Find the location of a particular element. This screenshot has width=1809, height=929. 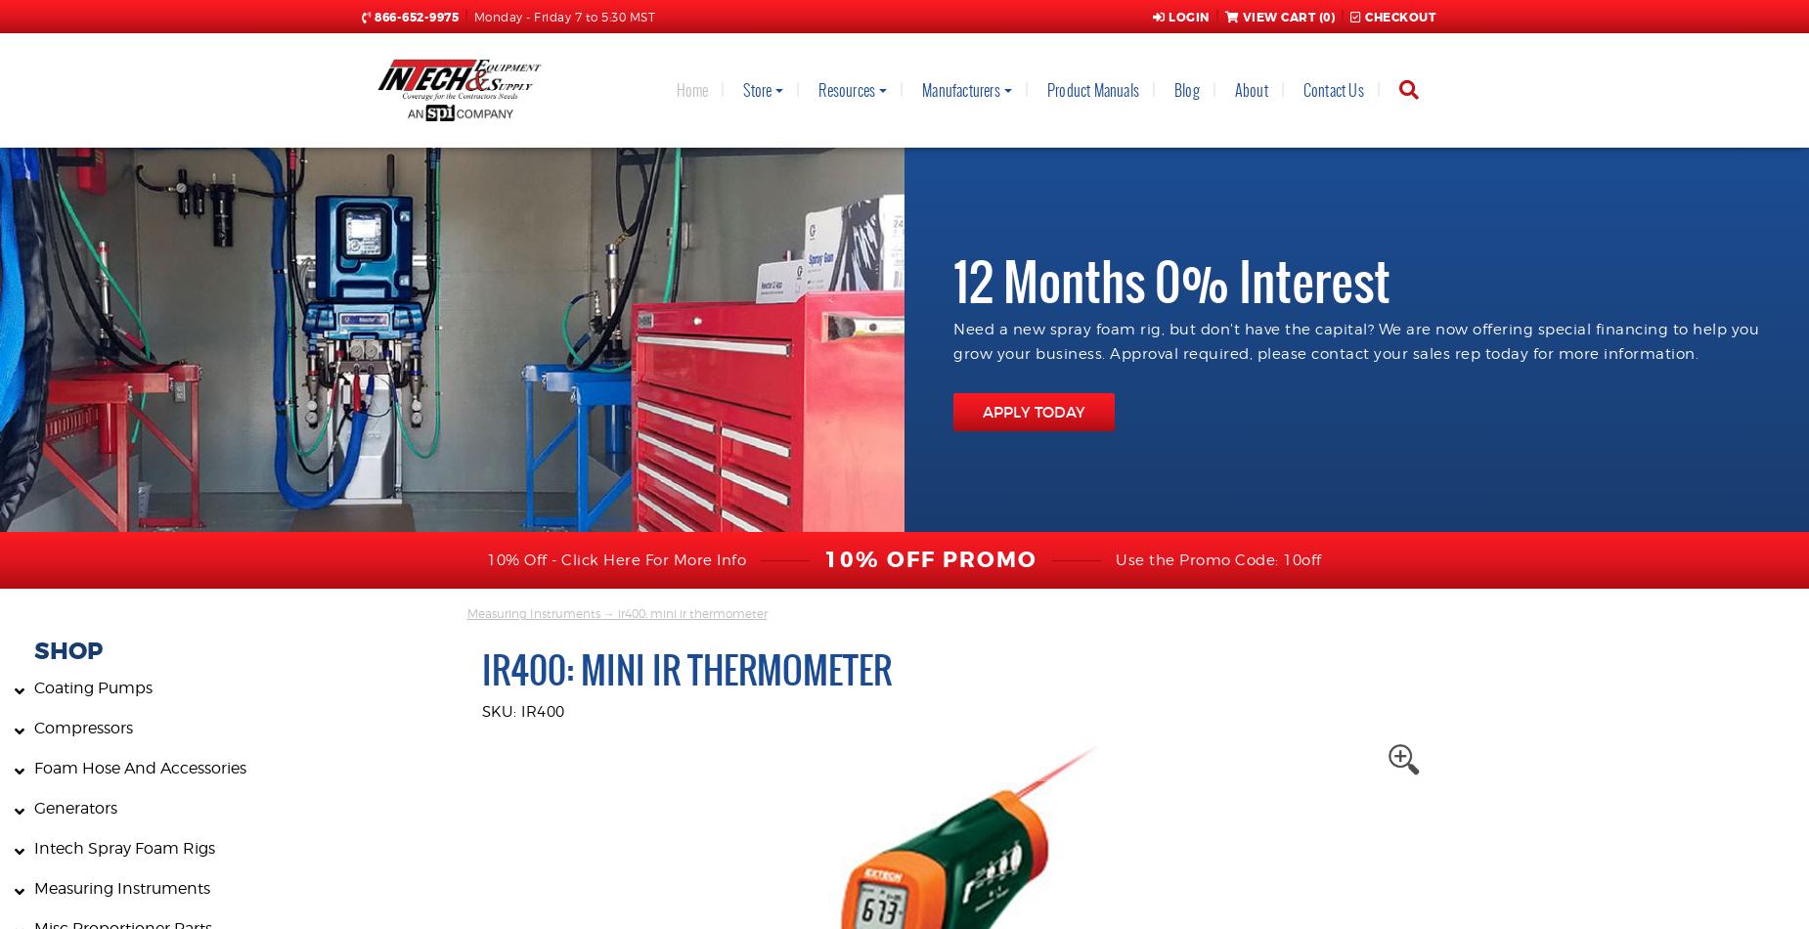

'10% Off Promo' is located at coordinates (824, 560).